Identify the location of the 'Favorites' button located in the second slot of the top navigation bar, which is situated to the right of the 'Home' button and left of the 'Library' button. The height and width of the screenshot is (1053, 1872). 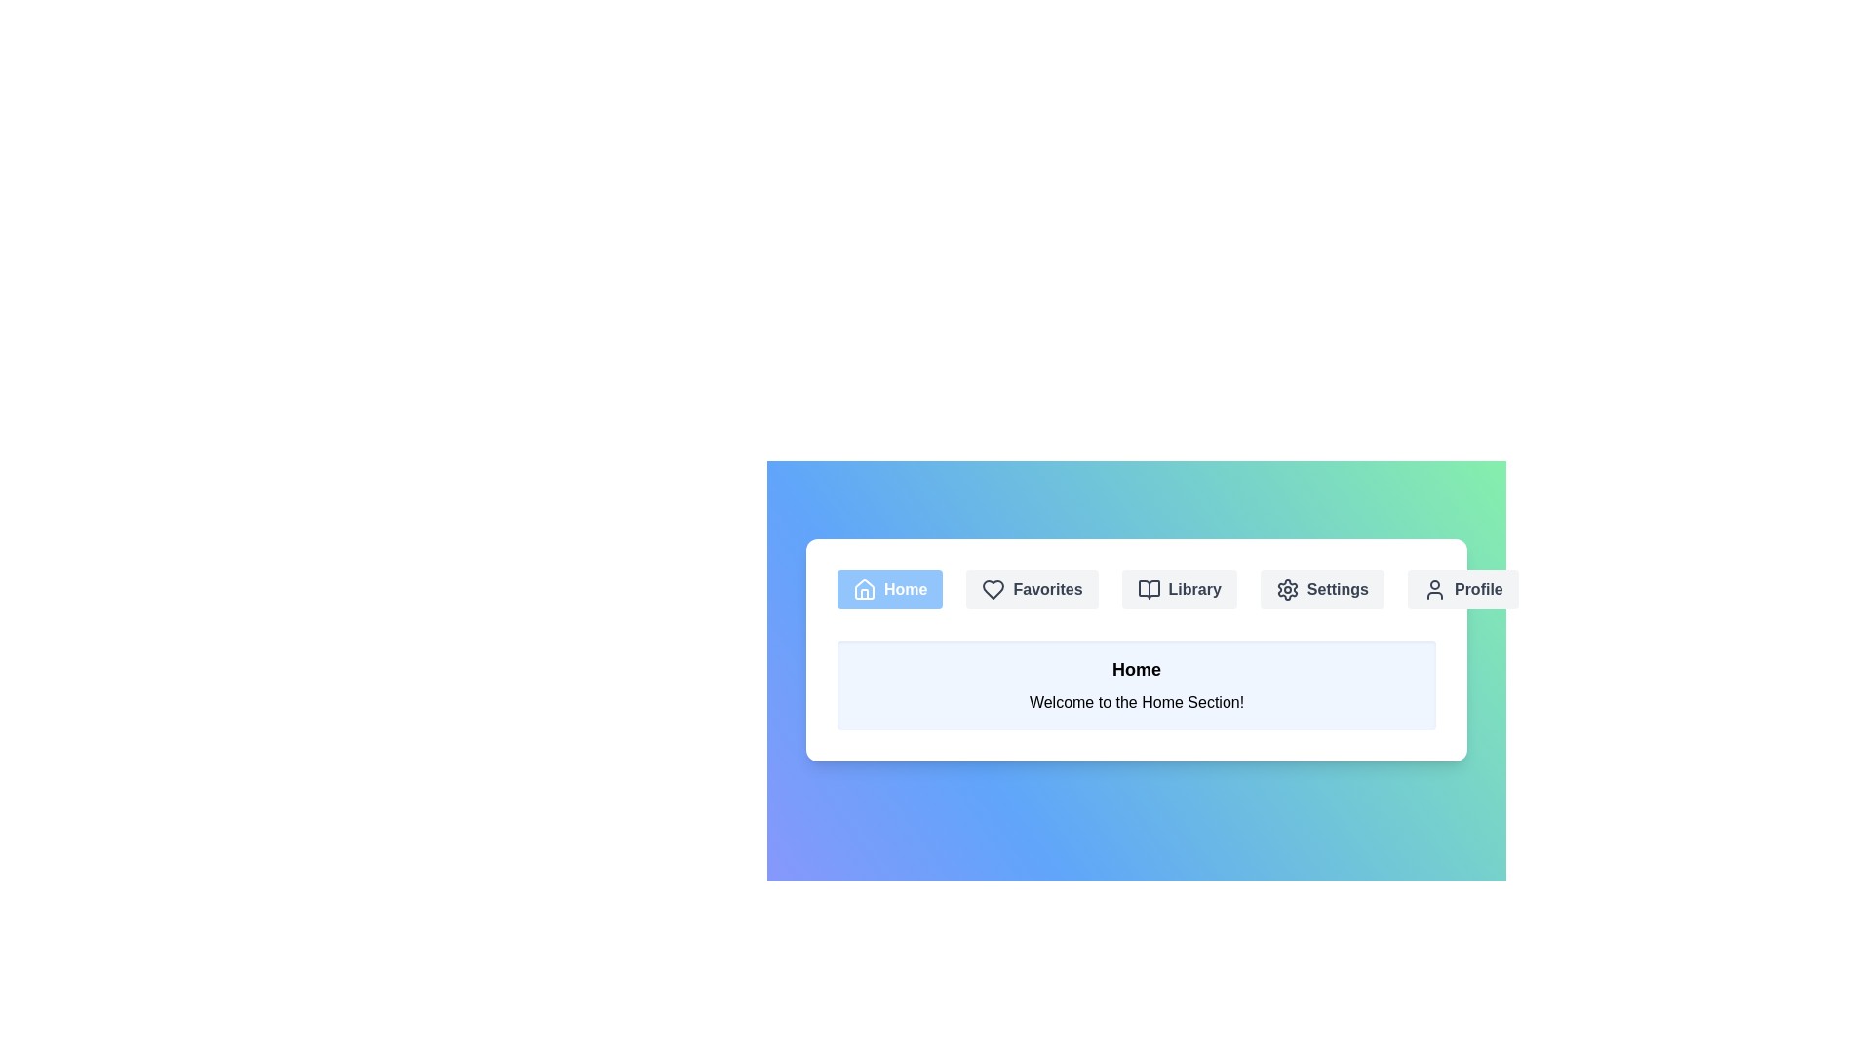
(1032, 589).